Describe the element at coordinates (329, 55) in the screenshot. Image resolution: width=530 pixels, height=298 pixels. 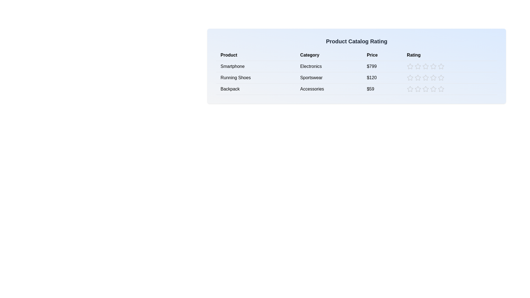
I see `the Category column header to sort the table by that column` at that location.